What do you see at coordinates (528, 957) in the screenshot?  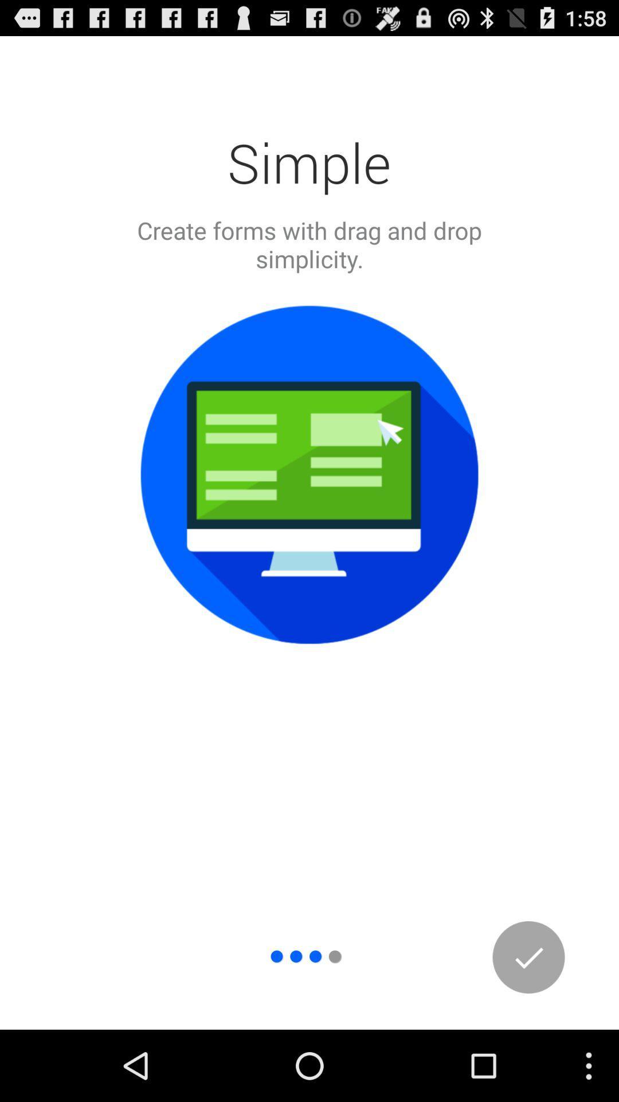 I see `item at the bottom right corner` at bounding box center [528, 957].